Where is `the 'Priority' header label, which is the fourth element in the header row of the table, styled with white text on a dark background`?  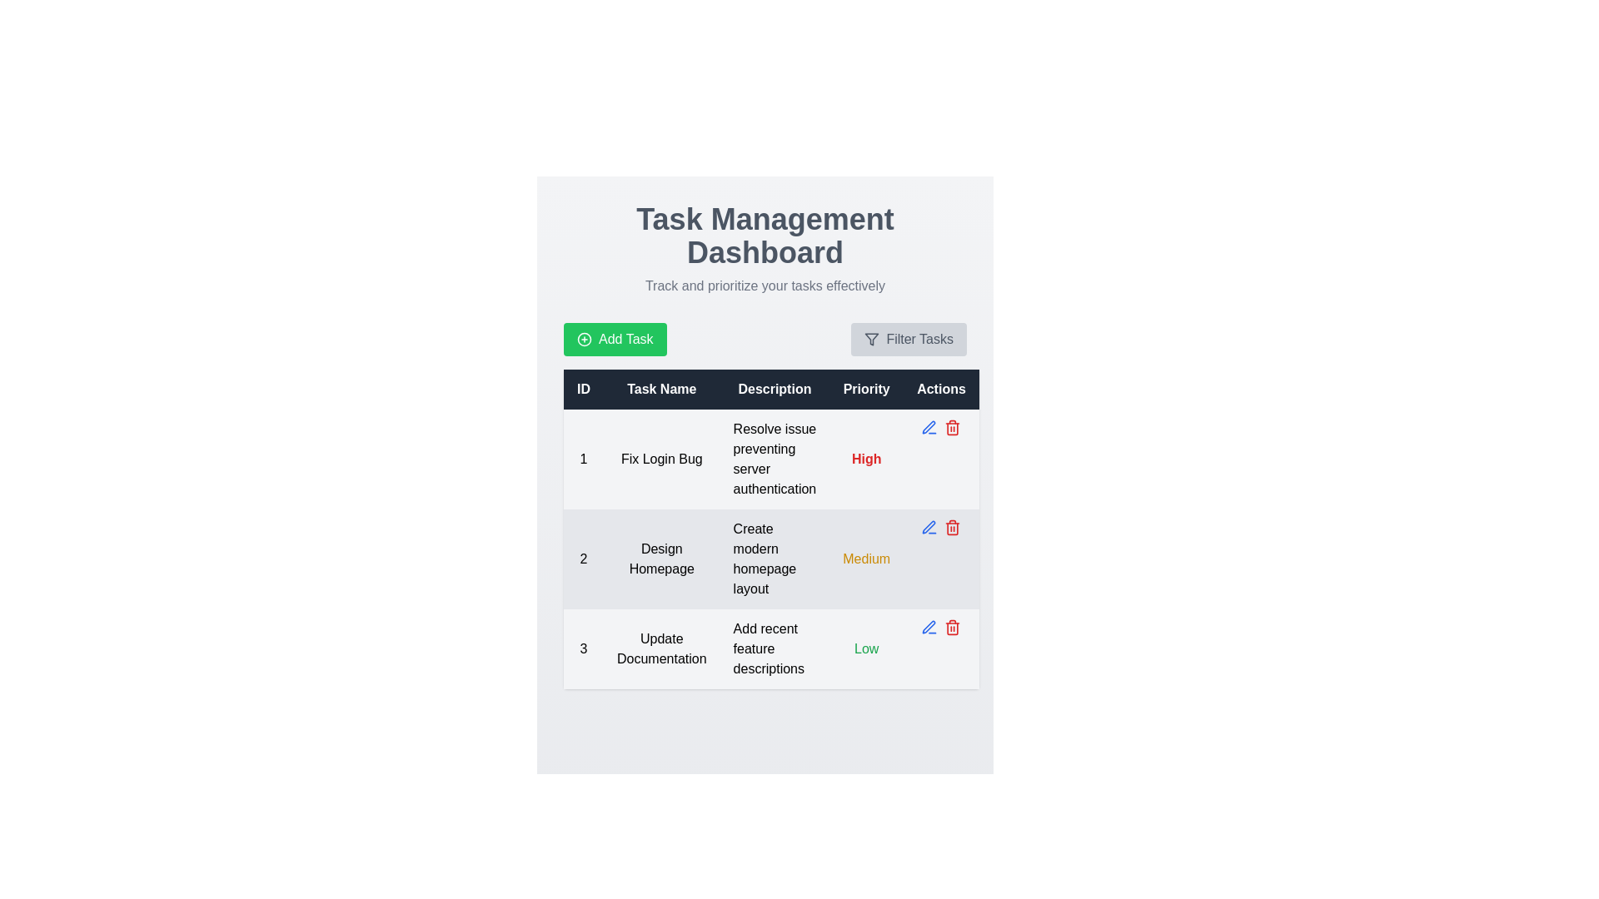
the 'Priority' header label, which is the fourth element in the header row of the table, styled with white text on a dark background is located at coordinates (866, 389).